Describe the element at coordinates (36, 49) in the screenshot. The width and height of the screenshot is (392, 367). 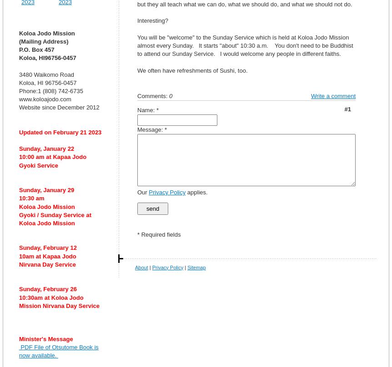
I see `'P.O. Box 457'` at that location.